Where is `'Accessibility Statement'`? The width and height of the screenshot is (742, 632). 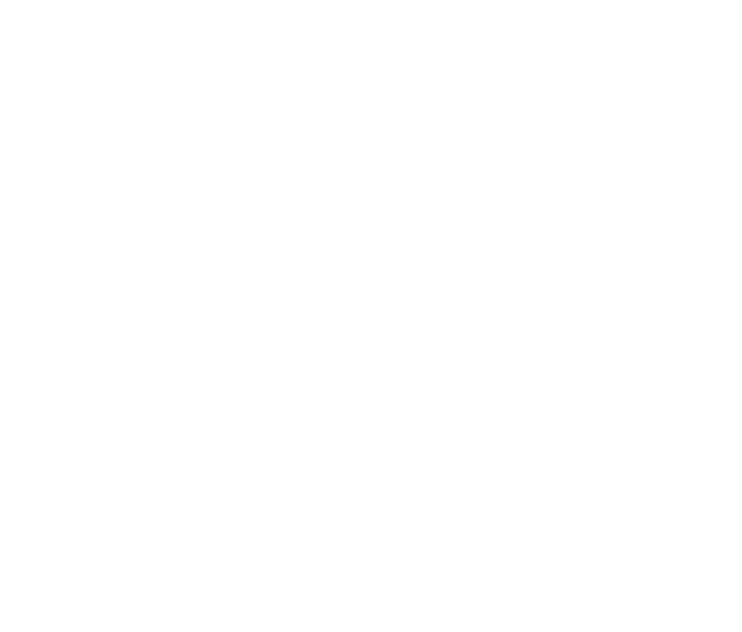
'Accessibility Statement' is located at coordinates (601, 518).